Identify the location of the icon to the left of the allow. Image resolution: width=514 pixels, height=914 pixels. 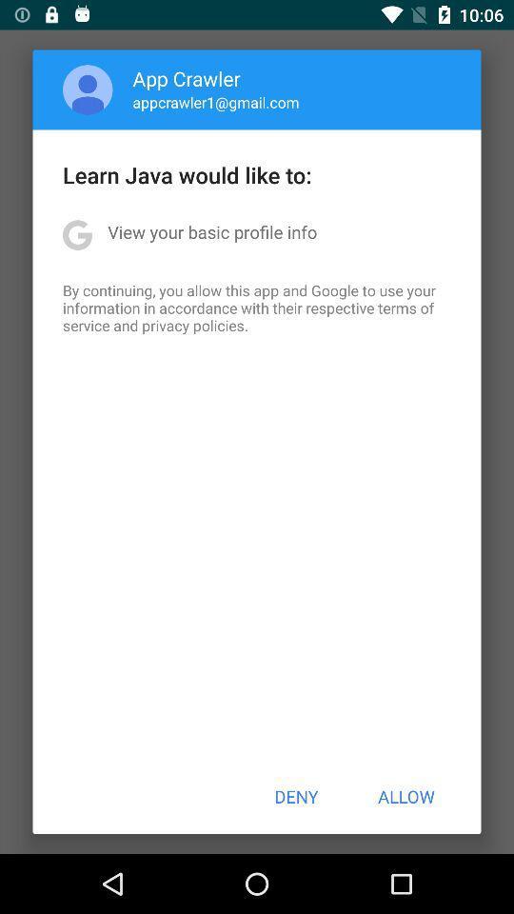
(296, 796).